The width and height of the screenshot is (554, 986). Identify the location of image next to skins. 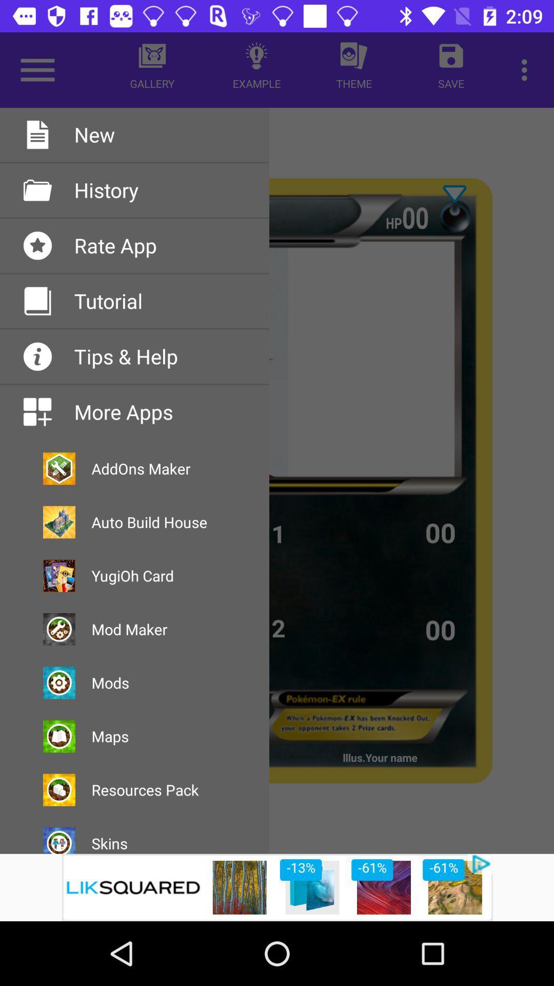
(59, 840).